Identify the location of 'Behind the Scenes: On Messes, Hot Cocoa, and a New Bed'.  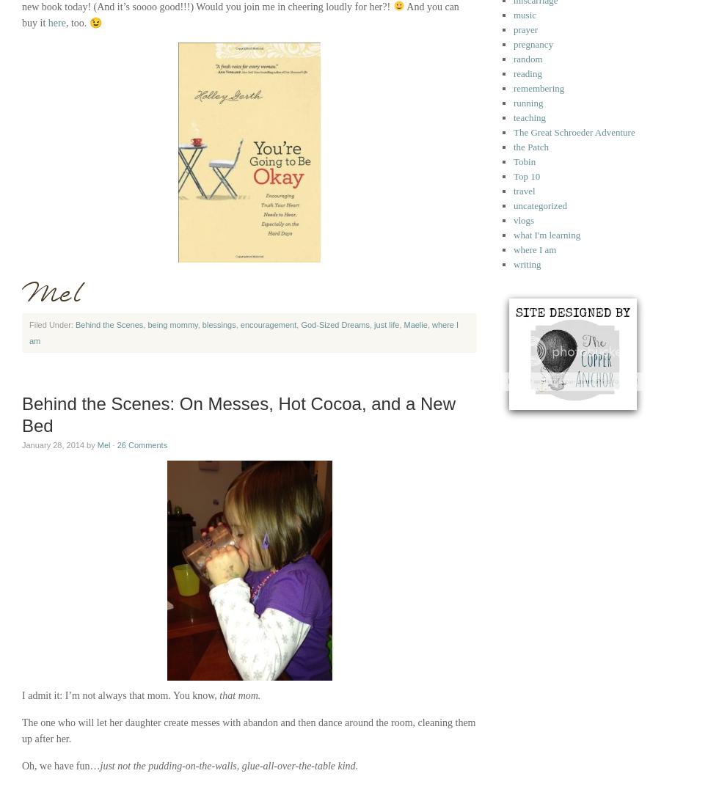
(238, 414).